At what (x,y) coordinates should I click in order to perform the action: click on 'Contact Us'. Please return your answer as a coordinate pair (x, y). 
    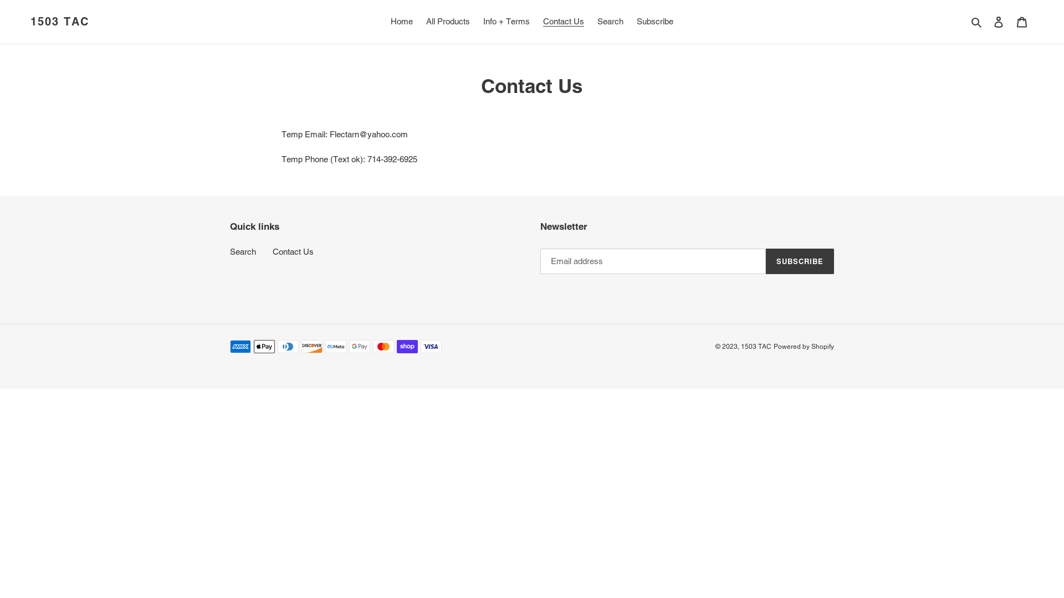
    Looking at the image, I should click on (564, 22).